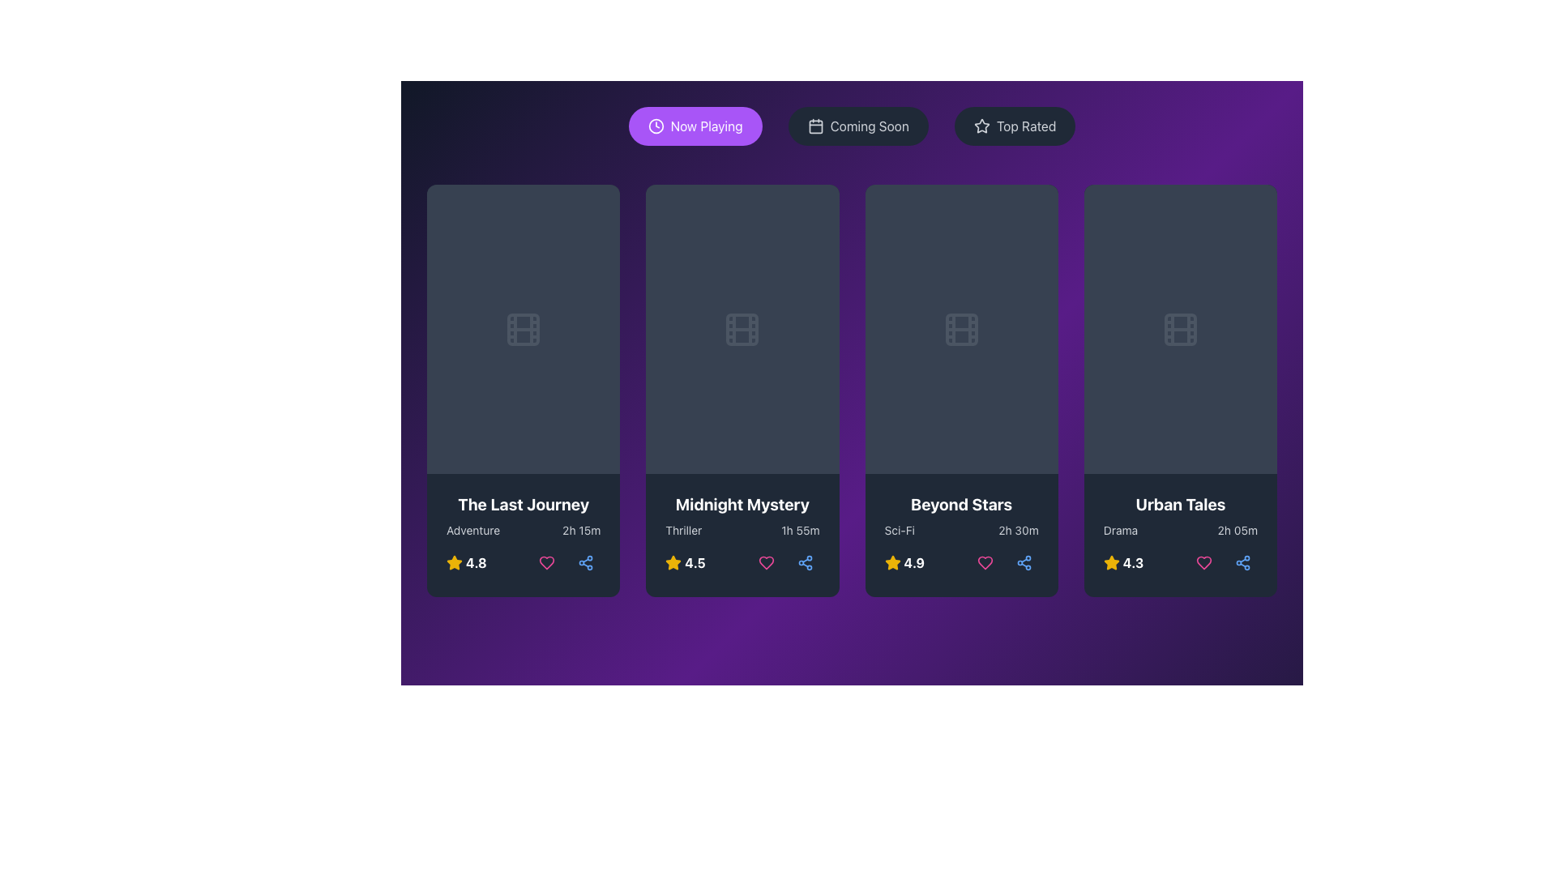  What do you see at coordinates (1122, 562) in the screenshot?
I see `rating value displayed as '4.3' next to the yellow star icon in the bottom section of the 'Urban Tales' card` at bounding box center [1122, 562].